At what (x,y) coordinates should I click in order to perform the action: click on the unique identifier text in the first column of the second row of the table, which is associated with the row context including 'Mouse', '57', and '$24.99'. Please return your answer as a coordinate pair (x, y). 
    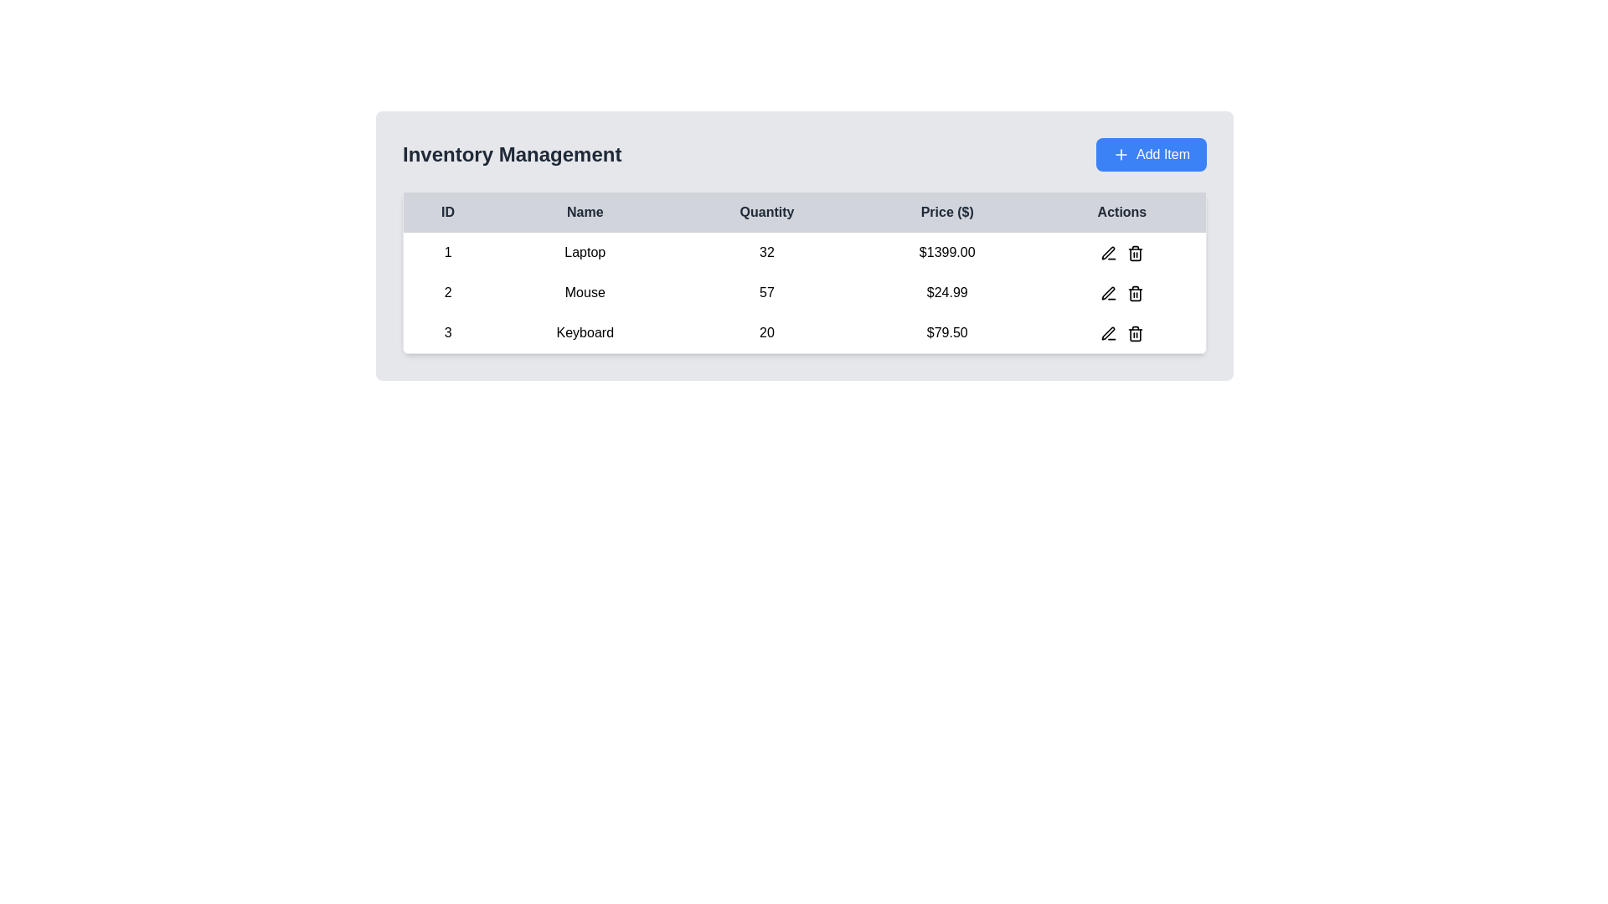
    Looking at the image, I should click on (447, 292).